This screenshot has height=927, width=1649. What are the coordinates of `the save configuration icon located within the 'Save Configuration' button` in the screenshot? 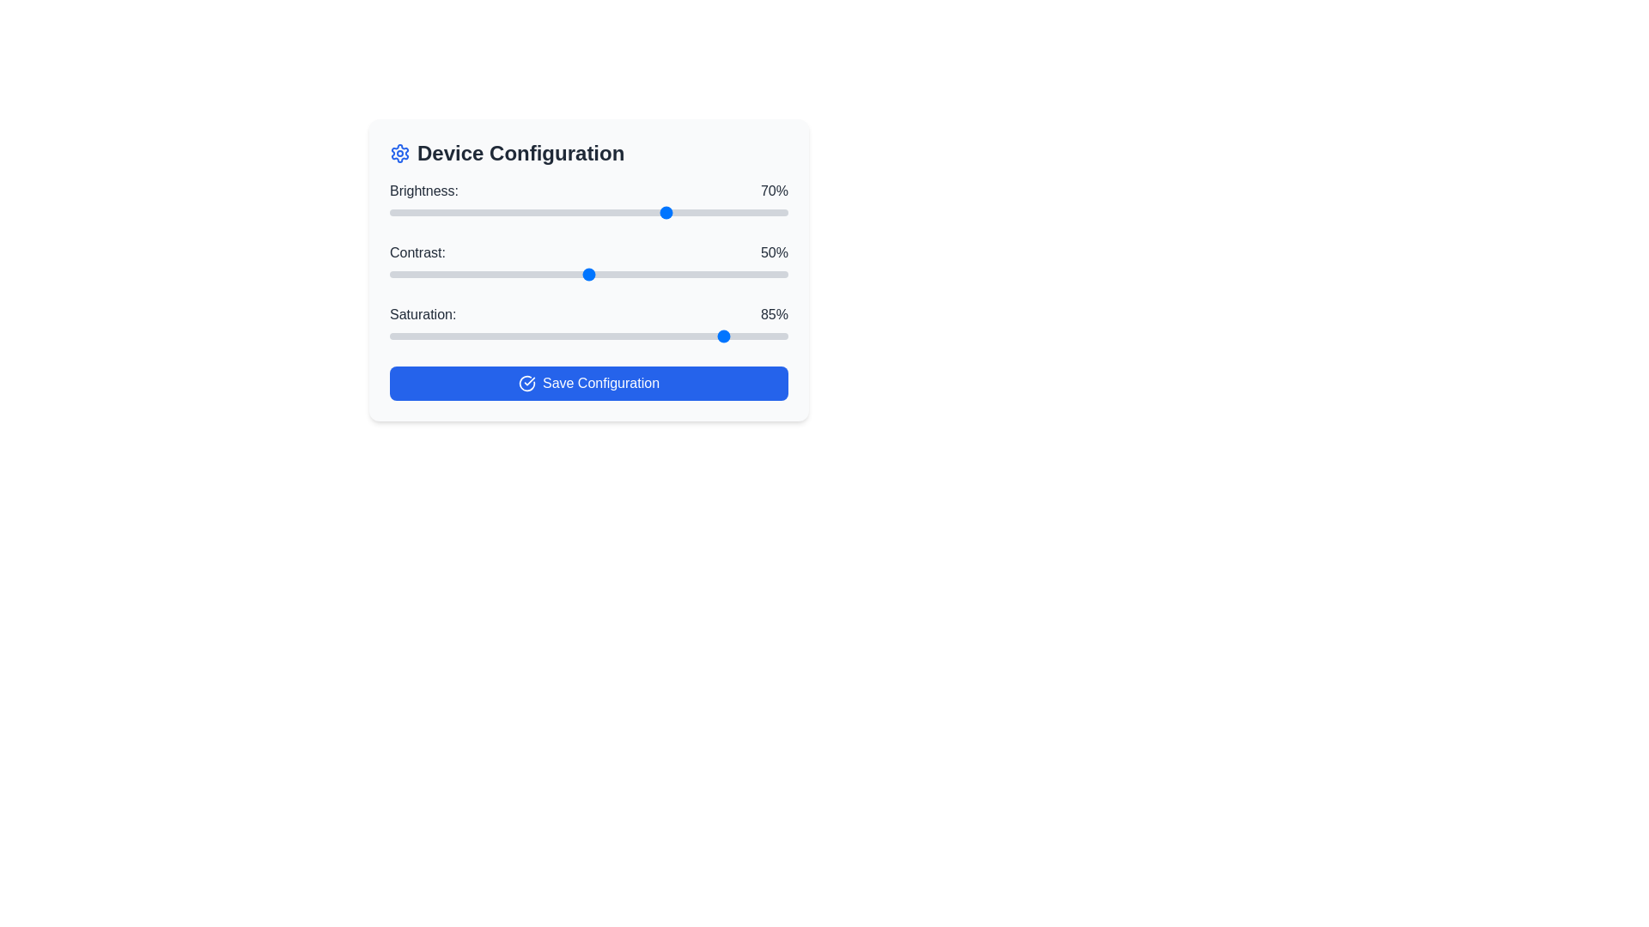 It's located at (526, 383).